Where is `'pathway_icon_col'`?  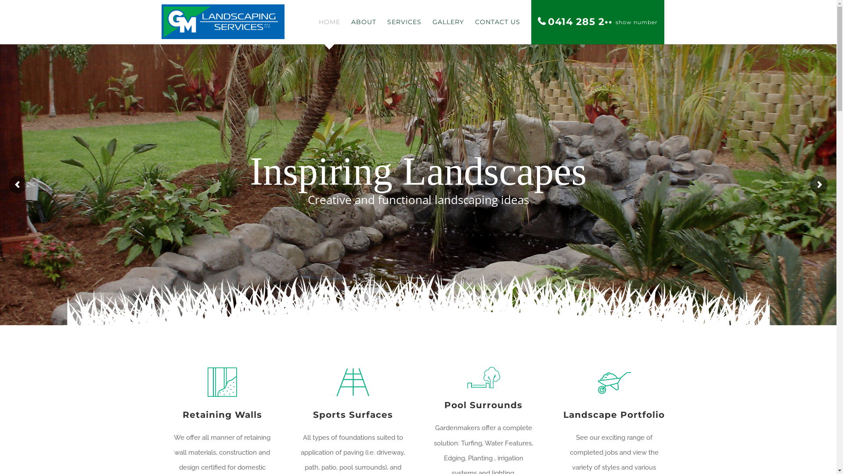 'pathway_icon_col' is located at coordinates (353, 382).